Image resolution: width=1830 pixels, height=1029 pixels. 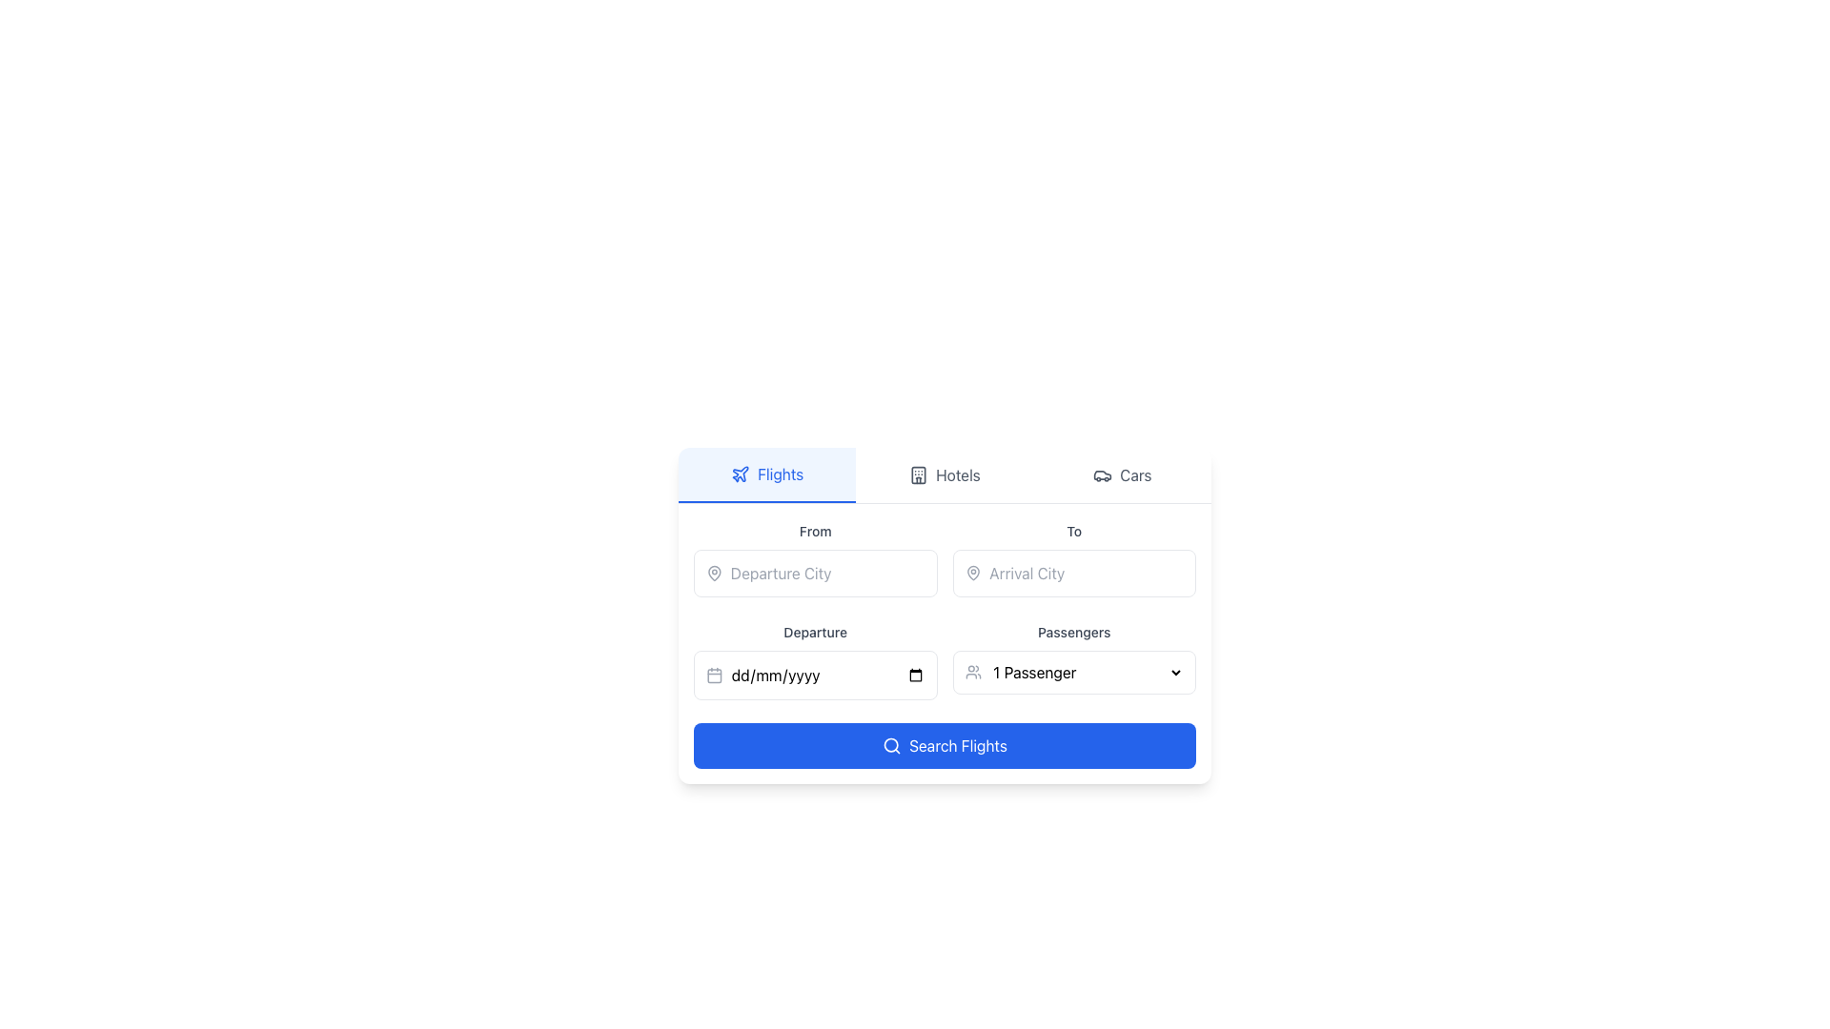 I want to click on the 'Flights' tab, which is the first tab in a horizontal menu and is visually characterized by a blue label with a small airplane icon on its left side and a highlighted blue border at the bottom, so click(x=767, y=474).